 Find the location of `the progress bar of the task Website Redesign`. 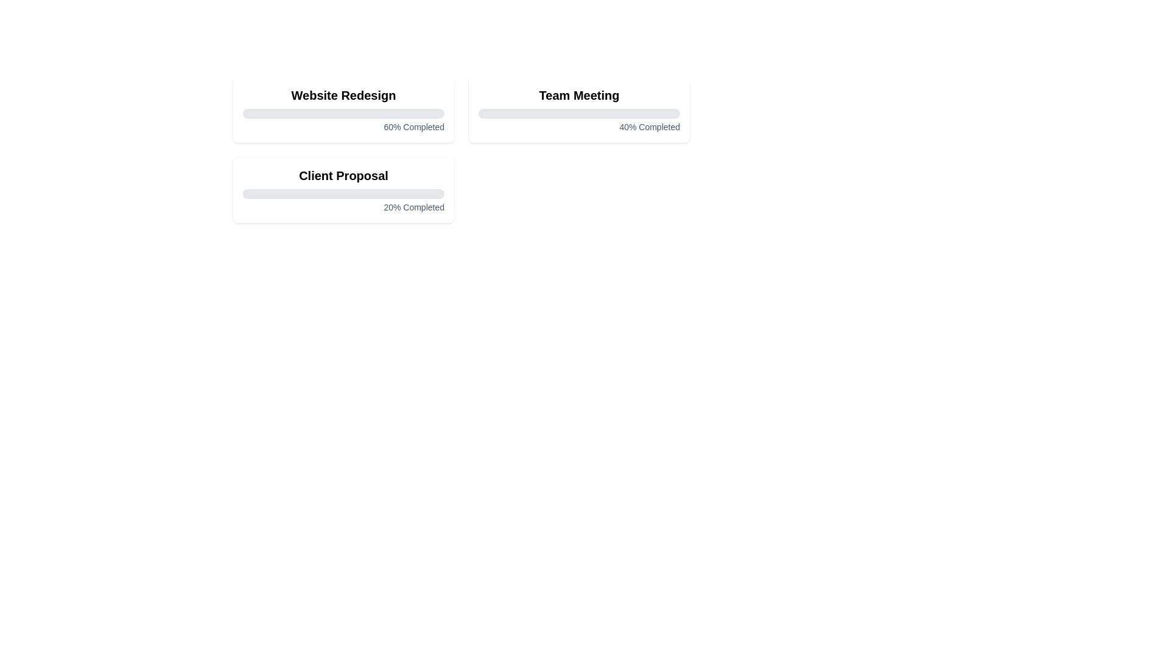

the progress bar of the task Website Redesign is located at coordinates (343, 113).